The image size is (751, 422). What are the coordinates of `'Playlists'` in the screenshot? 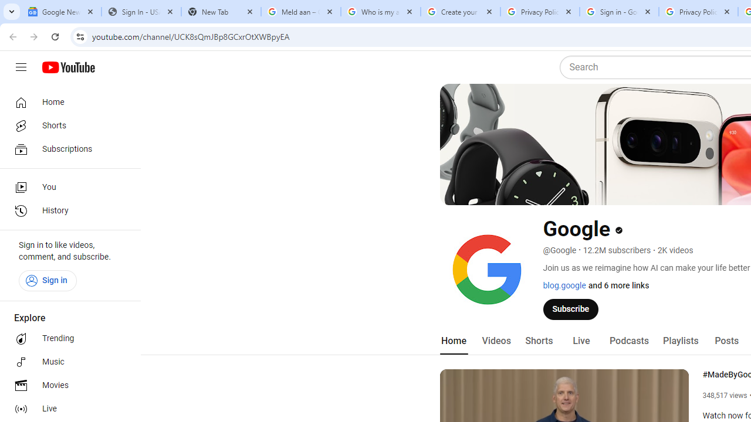 It's located at (681, 341).